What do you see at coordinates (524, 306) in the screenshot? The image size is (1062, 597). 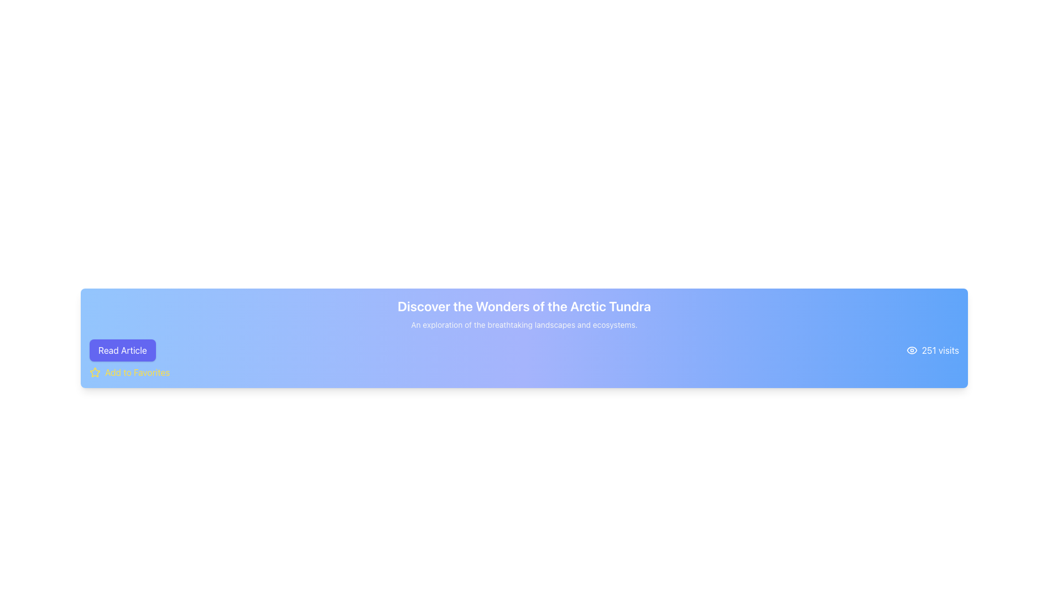 I see `the text element reading 'Discover the Wonders of the Arctic Tundra', which is styled in bold, large white font against a gradient blue background` at bounding box center [524, 306].